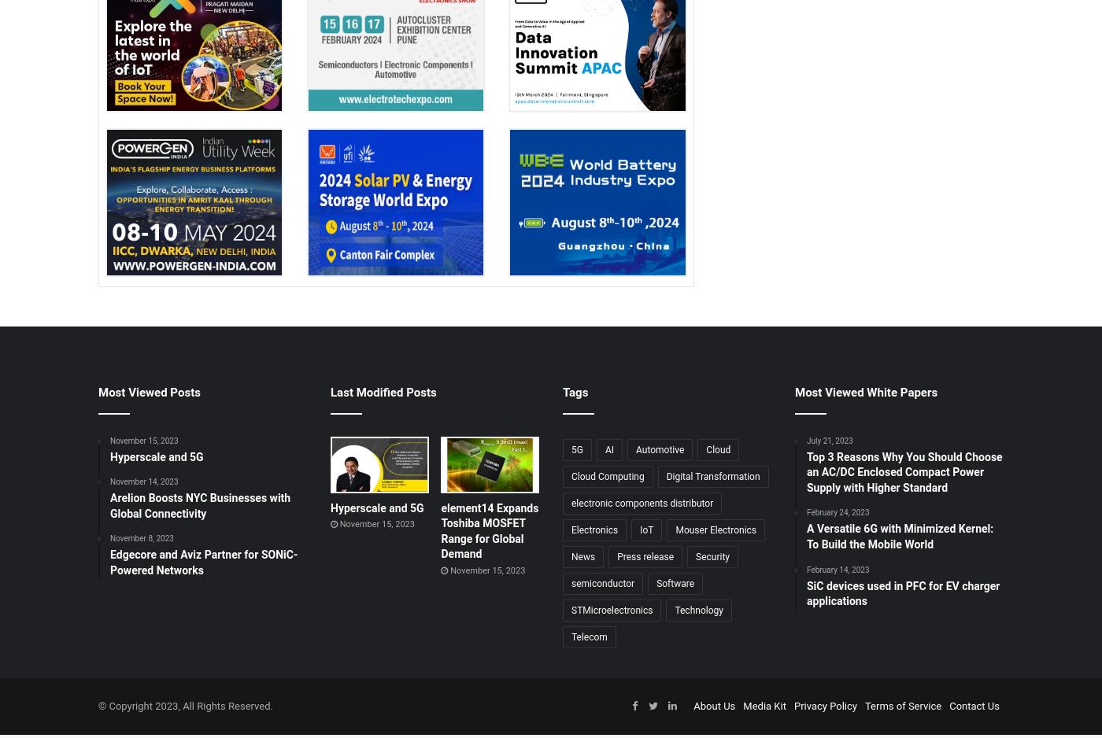  Describe the element at coordinates (830, 440) in the screenshot. I see `'July 21, 2023'` at that location.